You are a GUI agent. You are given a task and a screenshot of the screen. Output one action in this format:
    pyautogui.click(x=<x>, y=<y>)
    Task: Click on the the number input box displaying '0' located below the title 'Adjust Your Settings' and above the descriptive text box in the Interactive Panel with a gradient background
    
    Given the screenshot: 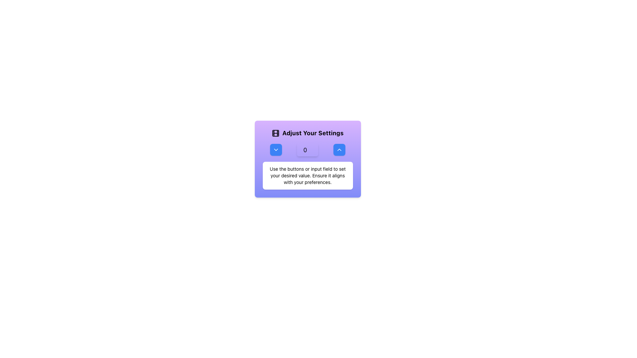 What is the action you would take?
    pyautogui.click(x=307, y=159)
    